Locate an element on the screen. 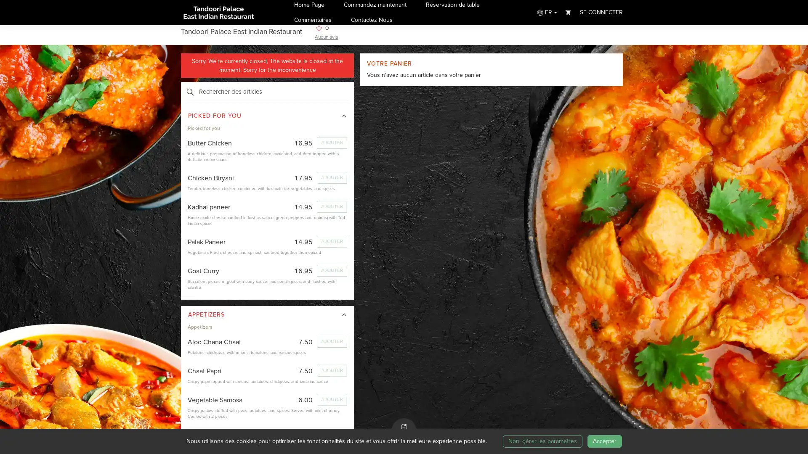  FR is located at coordinates (546, 12).